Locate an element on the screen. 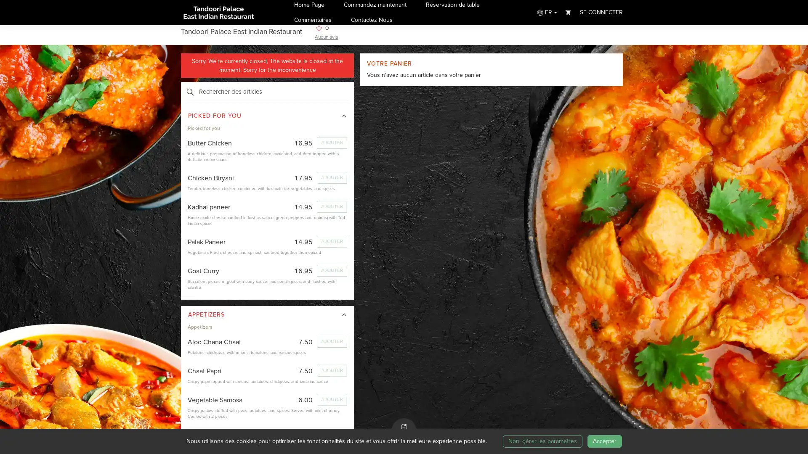  FR is located at coordinates (546, 12).